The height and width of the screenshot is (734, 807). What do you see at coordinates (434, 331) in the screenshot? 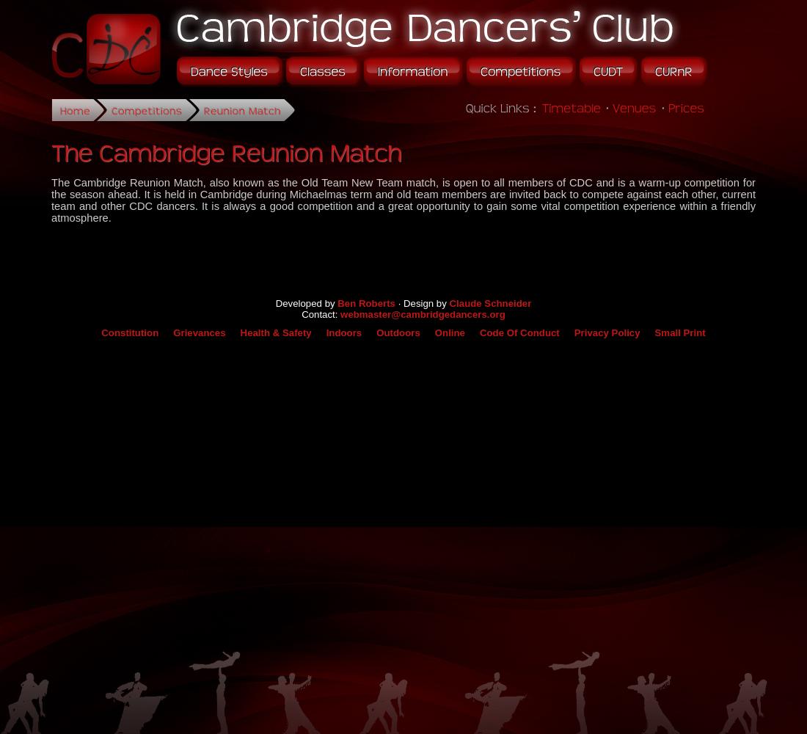
I see `'Online'` at bounding box center [434, 331].